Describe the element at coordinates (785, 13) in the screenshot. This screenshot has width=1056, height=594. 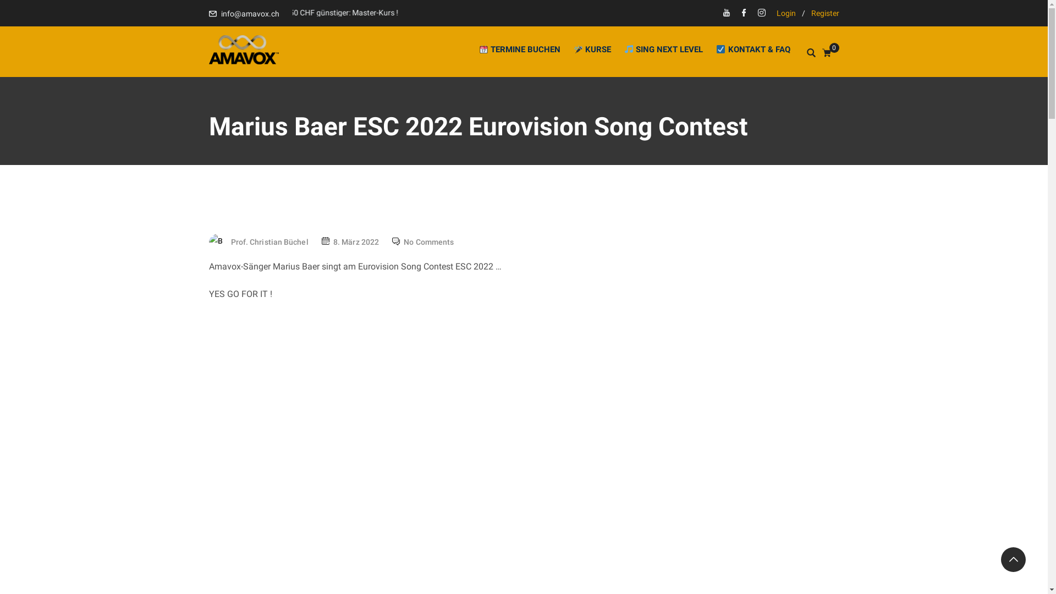
I see `'Login'` at that location.